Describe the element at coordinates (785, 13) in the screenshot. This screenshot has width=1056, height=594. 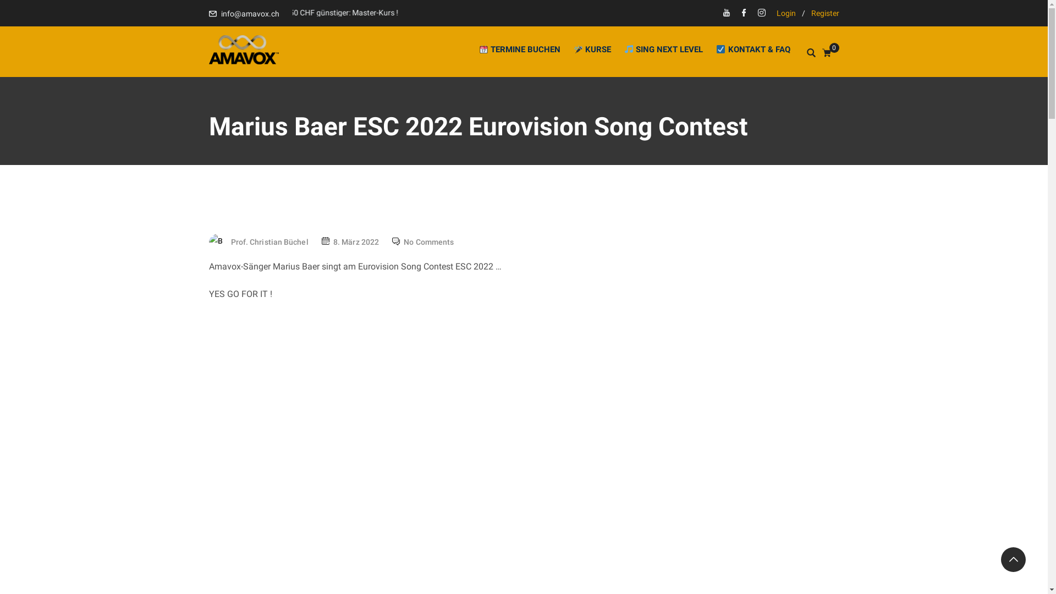
I see `'Login'` at that location.